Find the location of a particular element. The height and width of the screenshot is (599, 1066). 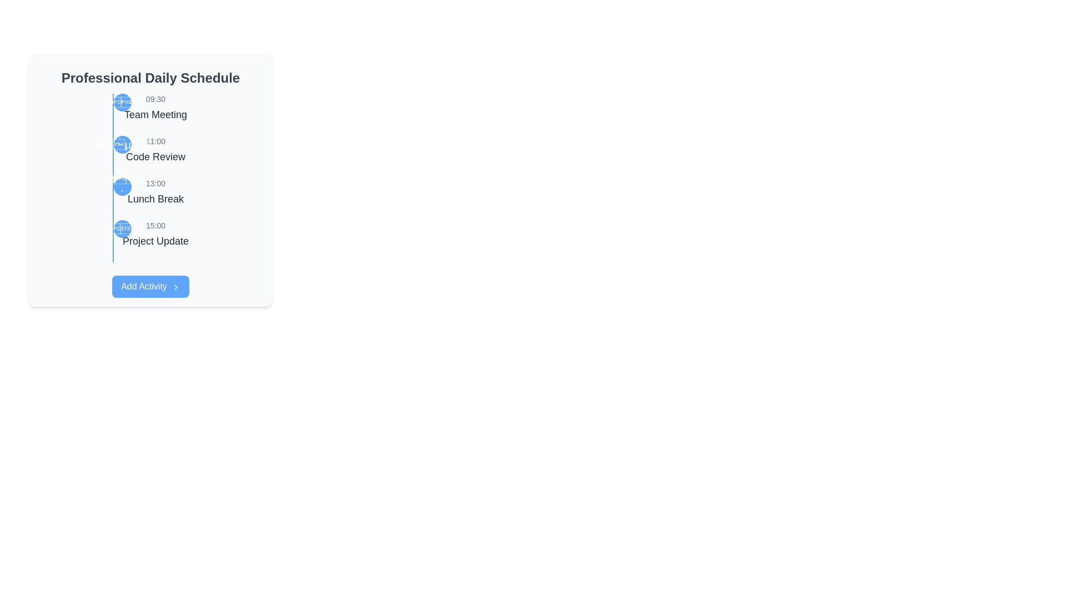

the circular blue icon with a white clock emoji located next to the '11:00 Code Review' activity entry in the 'Professional Daily Schedule' interface is located at coordinates (122, 144).